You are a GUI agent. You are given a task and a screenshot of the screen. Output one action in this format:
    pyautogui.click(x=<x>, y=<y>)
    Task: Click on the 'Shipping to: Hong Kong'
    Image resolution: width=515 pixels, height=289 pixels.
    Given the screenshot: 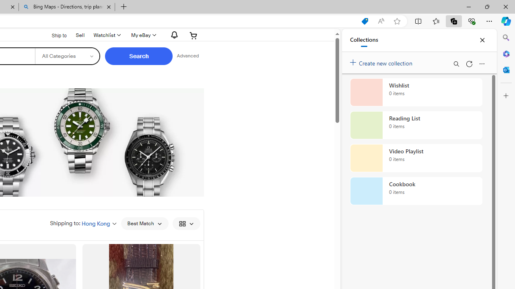 What is the action you would take?
    pyautogui.click(x=83, y=223)
    